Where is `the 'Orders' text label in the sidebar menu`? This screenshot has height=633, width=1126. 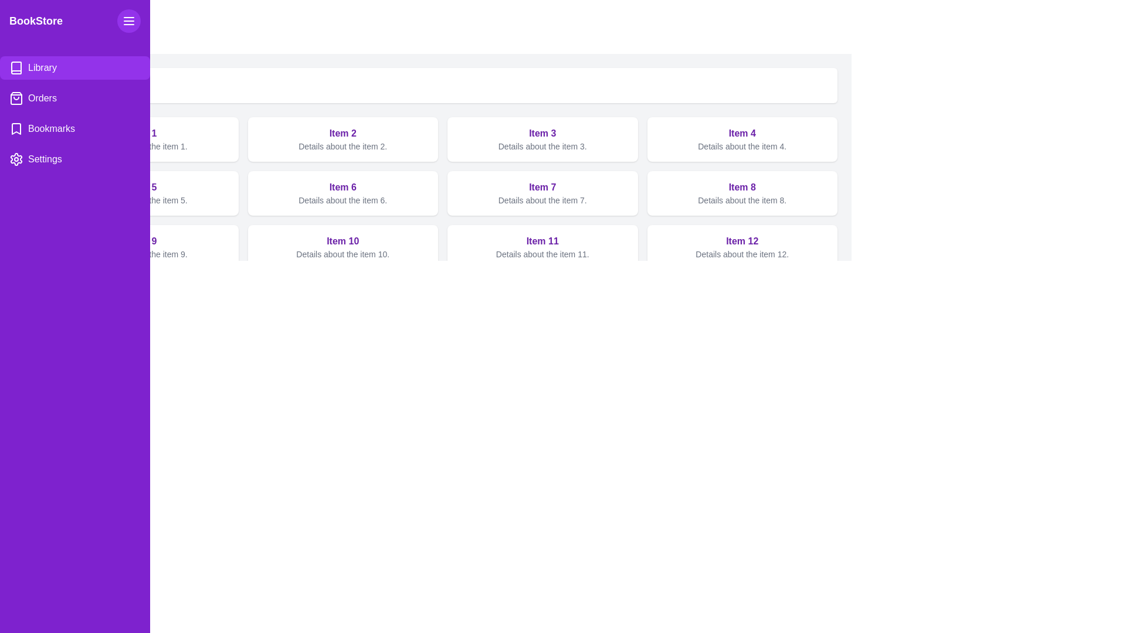 the 'Orders' text label in the sidebar menu is located at coordinates (42, 98).